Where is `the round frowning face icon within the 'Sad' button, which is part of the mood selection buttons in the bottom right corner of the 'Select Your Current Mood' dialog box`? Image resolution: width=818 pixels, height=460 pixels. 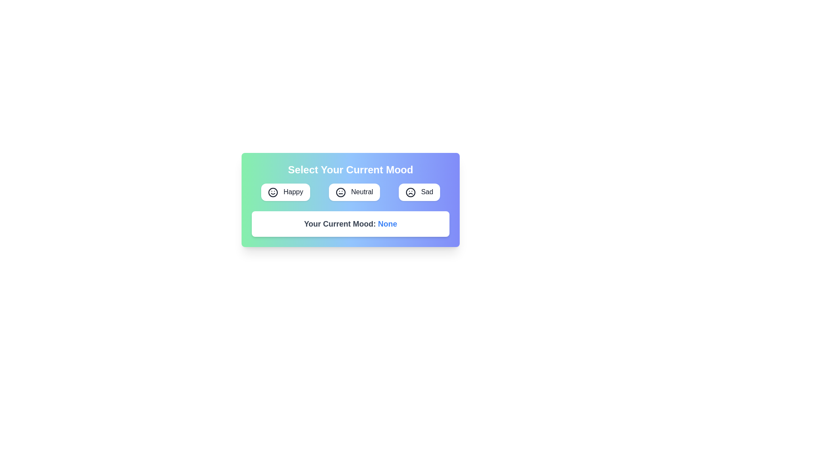
the round frowning face icon within the 'Sad' button, which is part of the mood selection buttons in the bottom right corner of the 'Select Your Current Mood' dialog box is located at coordinates (411, 192).